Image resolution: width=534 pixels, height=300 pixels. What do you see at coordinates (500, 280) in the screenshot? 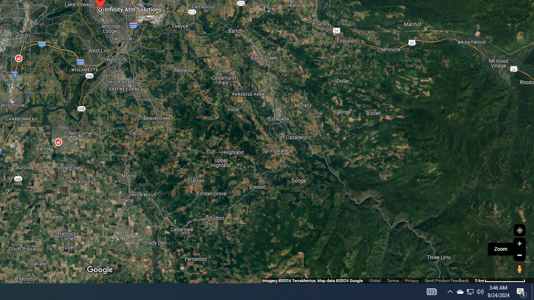
I see `'500 m'` at bounding box center [500, 280].